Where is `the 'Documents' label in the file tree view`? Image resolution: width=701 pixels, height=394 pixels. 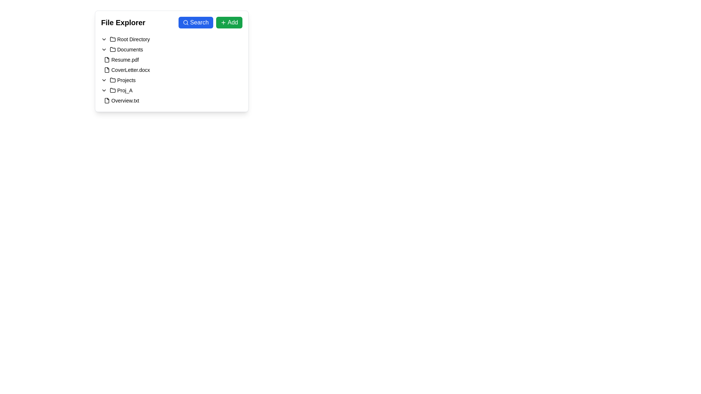 the 'Documents' label in the file tree view is located at coordinates (130, 49).